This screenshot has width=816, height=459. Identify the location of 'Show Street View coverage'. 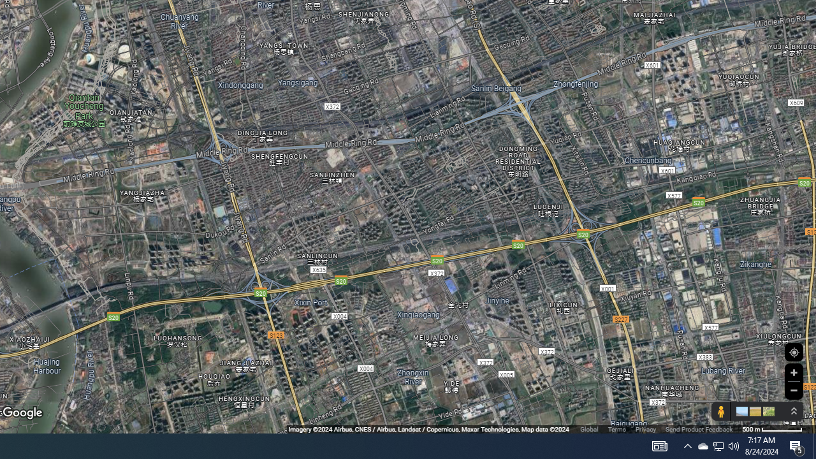
(720, 411).